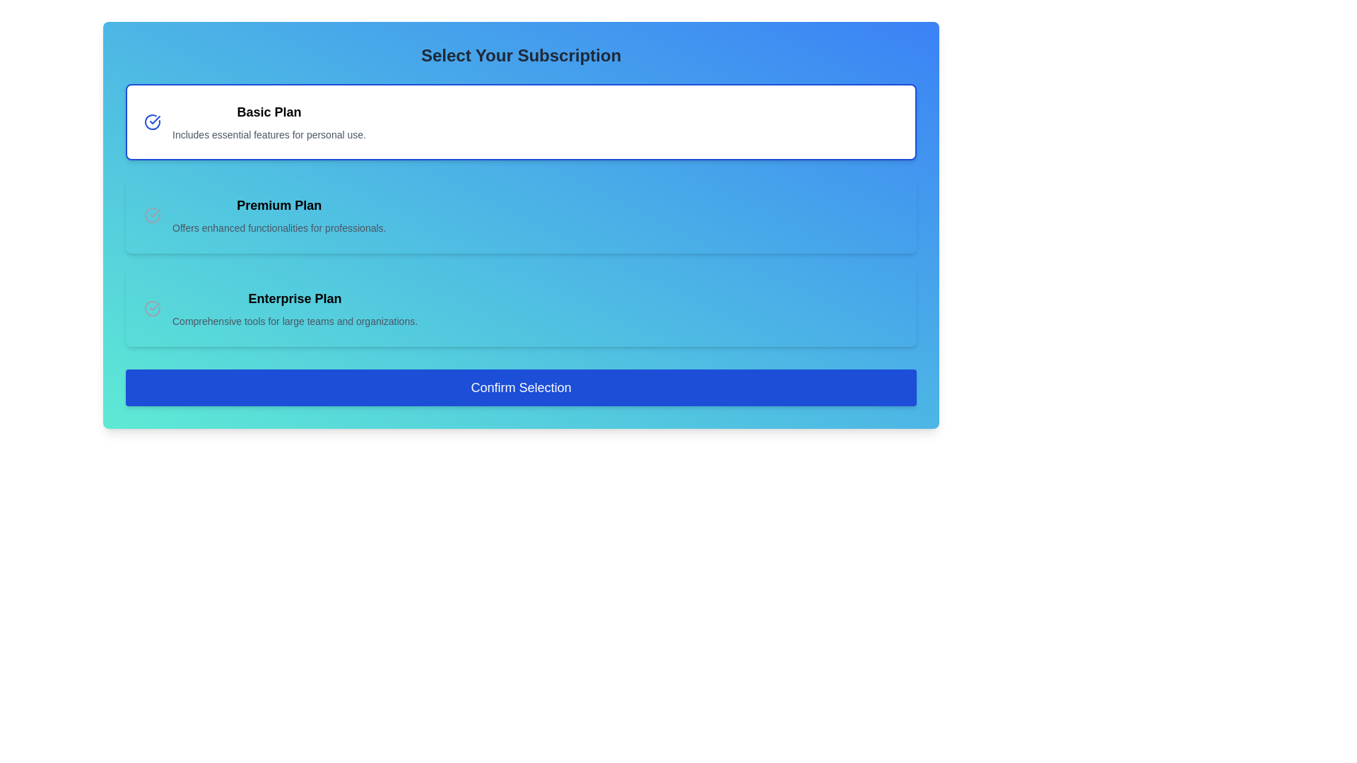  Describe the element at coordinates (153, 122) in the screenshot. I see `the circular blue icon with a checkmark next to the text 'Basic Plan Includes essential features for personal use.'` at that location.